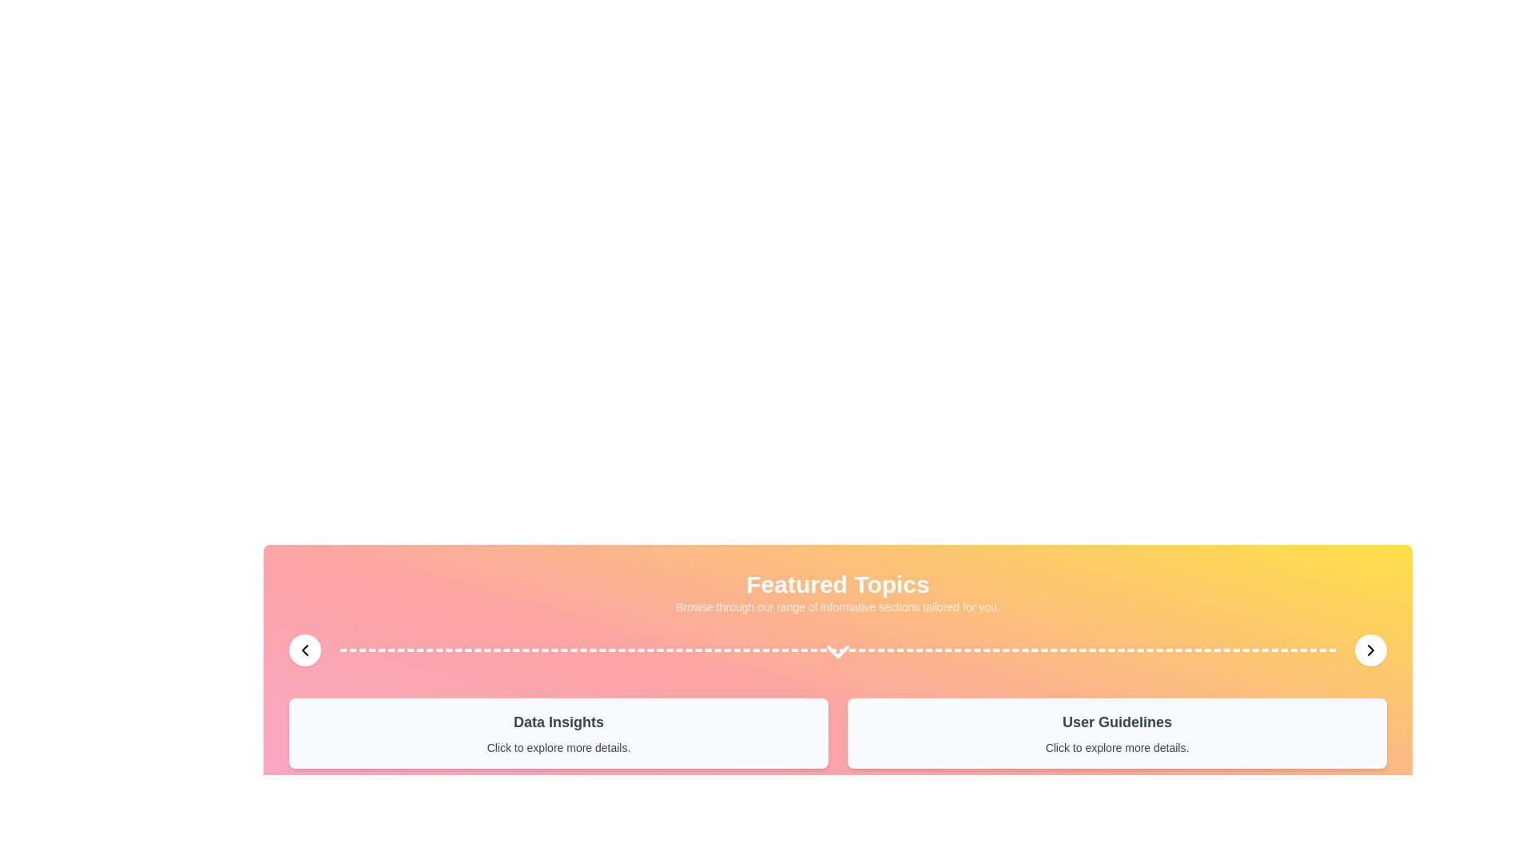 The width and height of the screenshot is (1534, 863). I want to click on the circular button with a white background and a left-pointing chevron icon, so click(305, 650).